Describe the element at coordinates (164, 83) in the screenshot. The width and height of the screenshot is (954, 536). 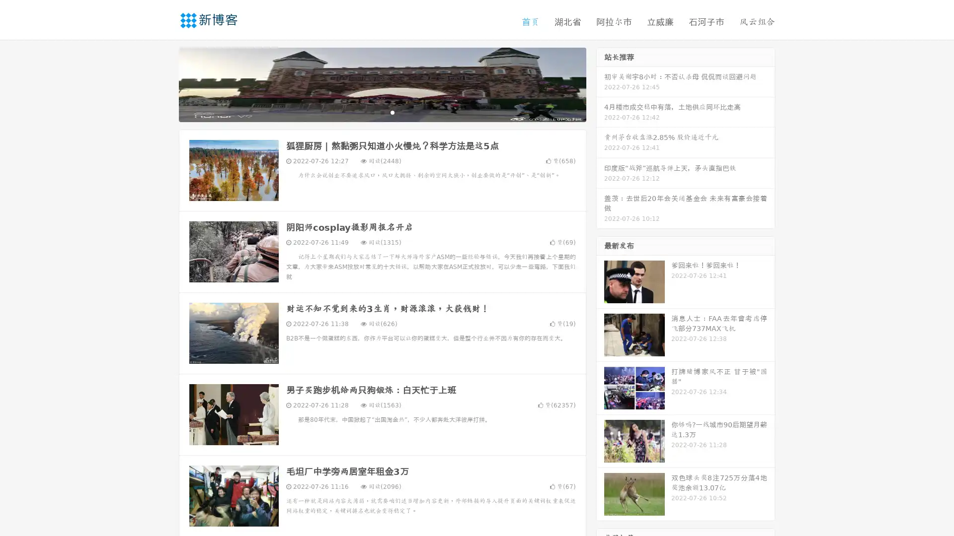
I see `Previous slide` at that location.